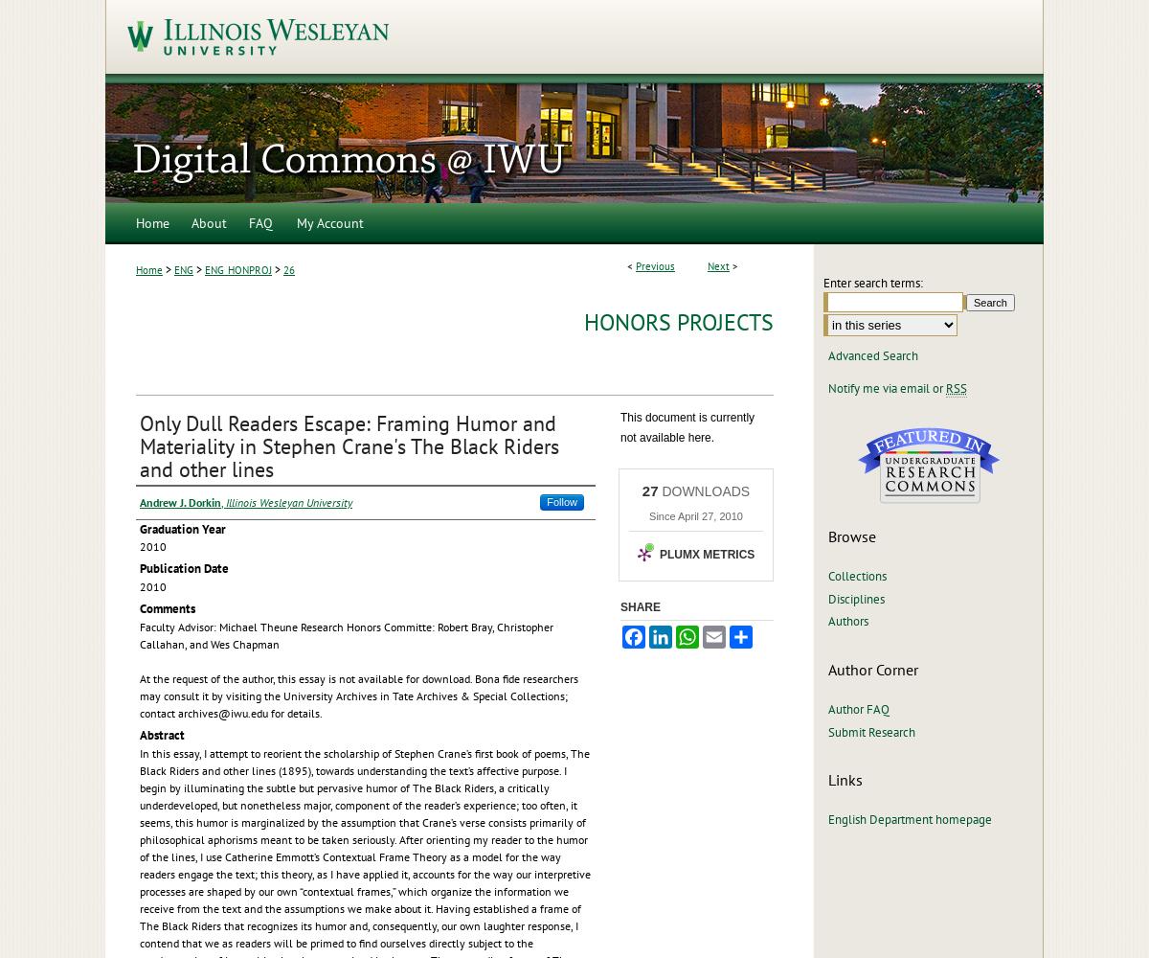  I want to click on 'Illinois Wesleyan University', so click(289, 501).